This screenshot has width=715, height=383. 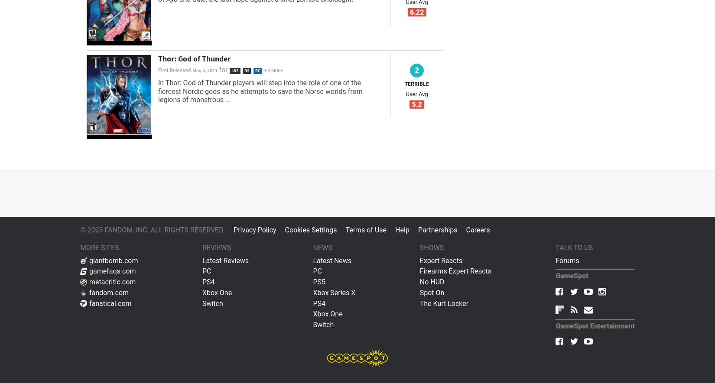 I want to click on 'Xbox Series X', so click(x=334, y=292).